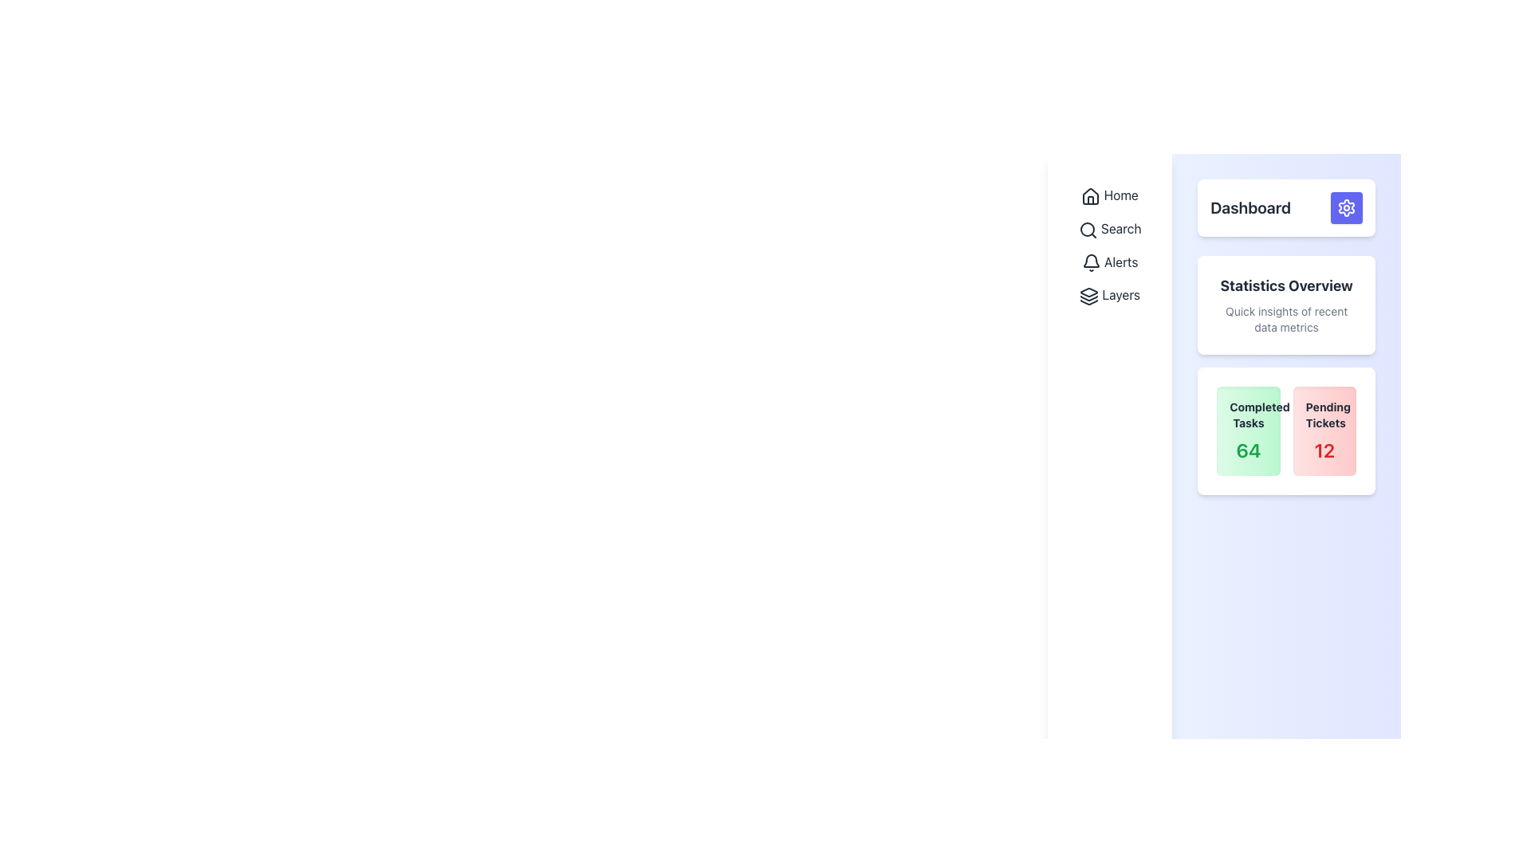 The height and width of the screenshot is (861, 1531). Describe the element at coordinates (1109, 261) in the screenshot. I see `the bell icon of the 'Alerts' navigation menu item` at that location.